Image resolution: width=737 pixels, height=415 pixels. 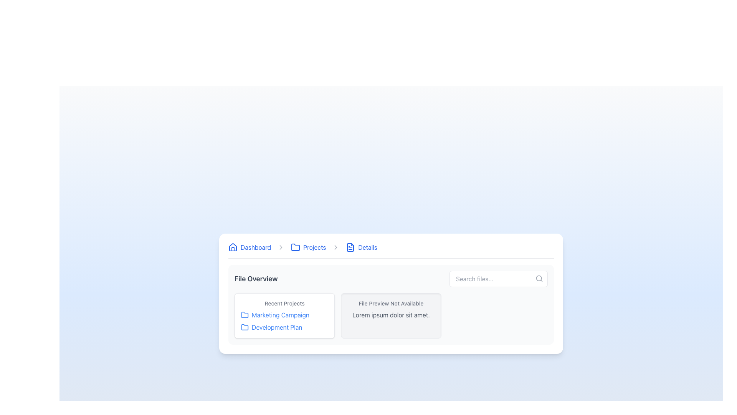 I want to click on the Informational Card displaying 'File Preview Not Available' with a white card-like design, located in the 'File Overview' section, so click(x=391, y=315).